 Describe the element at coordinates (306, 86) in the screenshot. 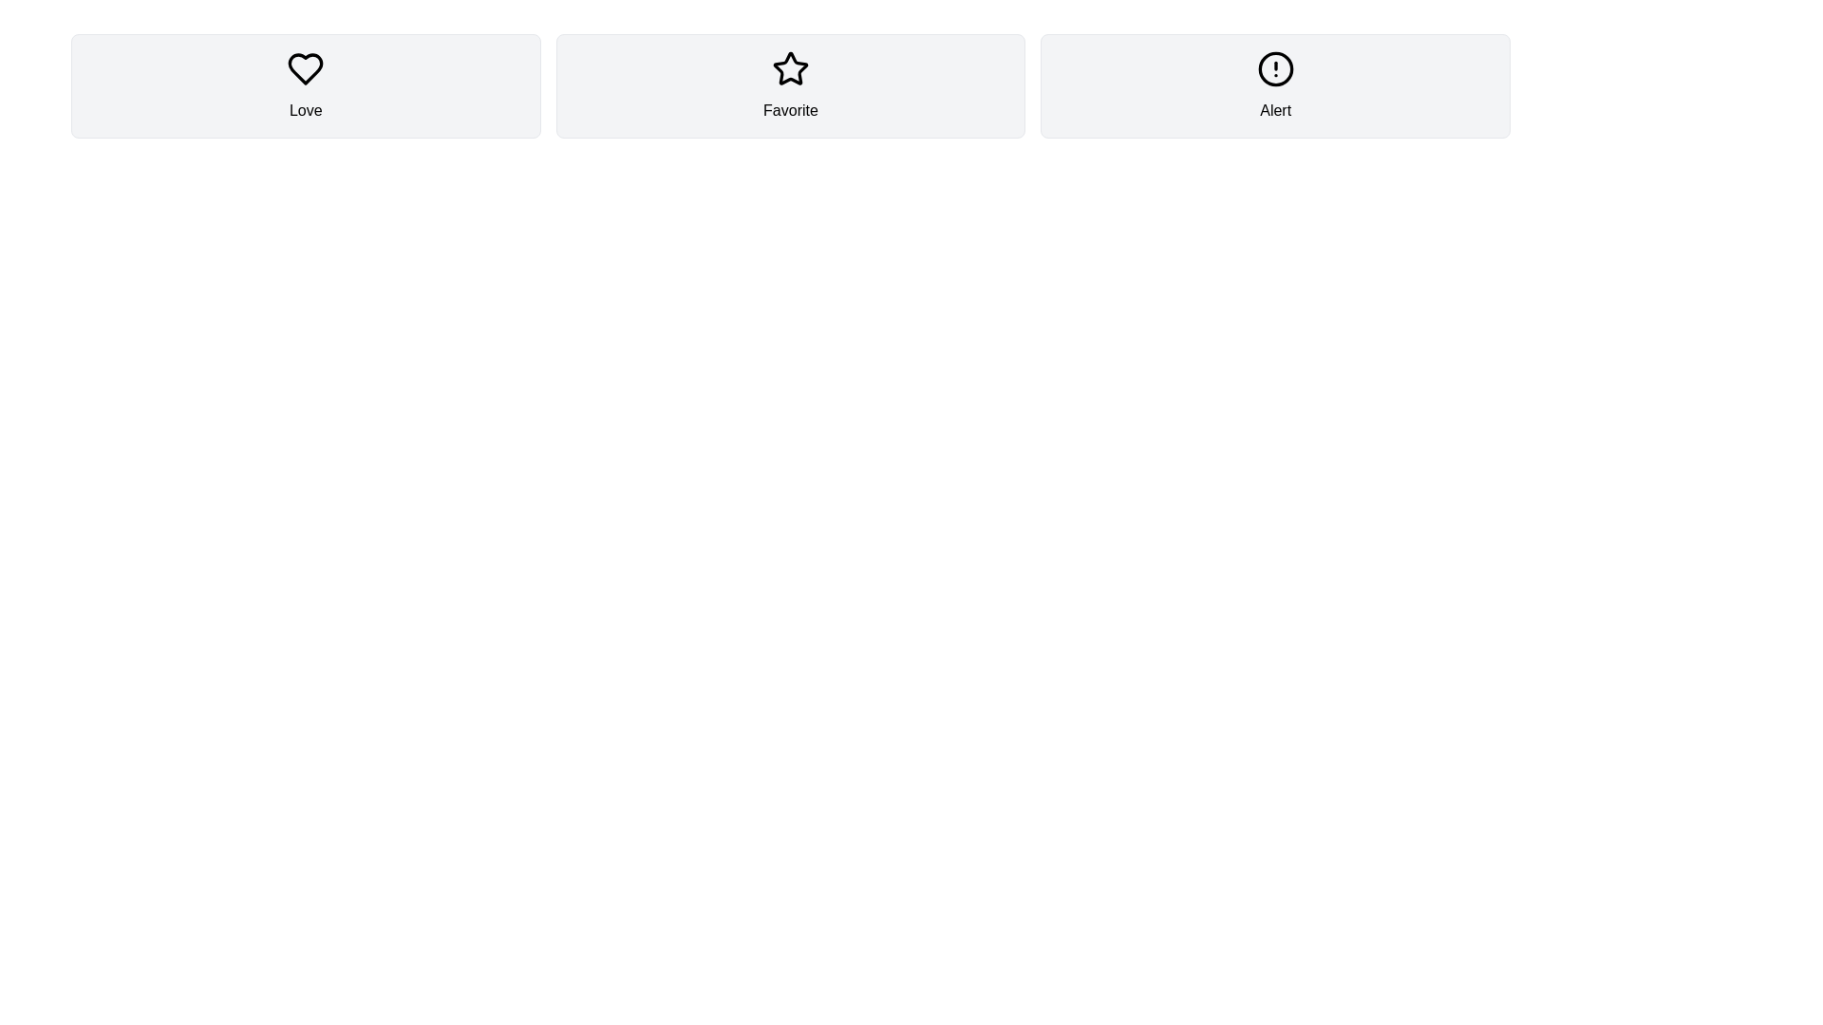

I see `the first card in the horizontally arranged grid, which has a light gray background, a black heart icon at the top center, and the word 'Love' in bold black text below the icon` at that location.